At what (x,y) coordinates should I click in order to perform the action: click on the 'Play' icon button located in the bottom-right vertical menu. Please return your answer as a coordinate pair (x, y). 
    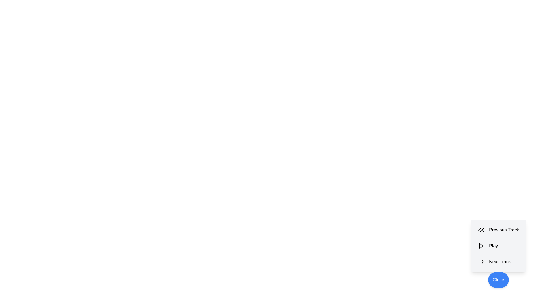
    Looking at the image, I should click on (481, 245).